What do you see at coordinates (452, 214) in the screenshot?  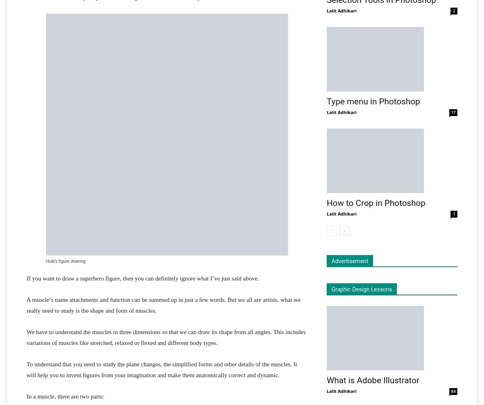 I see `'1'` at bounding box center [452, 214].